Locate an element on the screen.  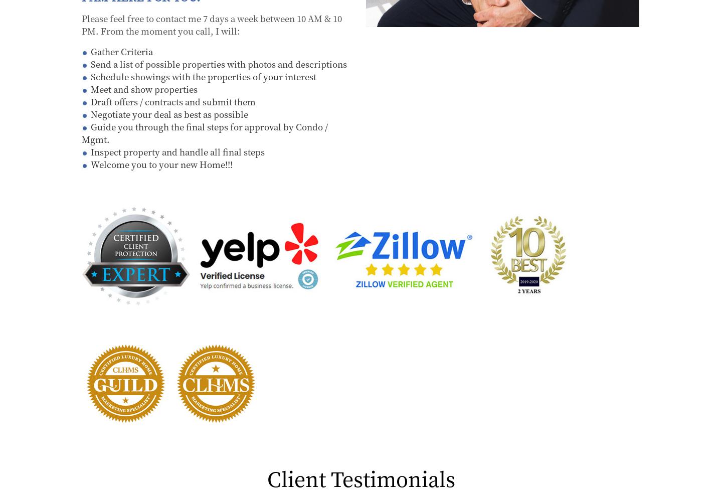
'Please feel free to contact me 7 days a week between 10 AM & 10 PM. From the moment you call, I will:' is located at coordinates (81, 23).